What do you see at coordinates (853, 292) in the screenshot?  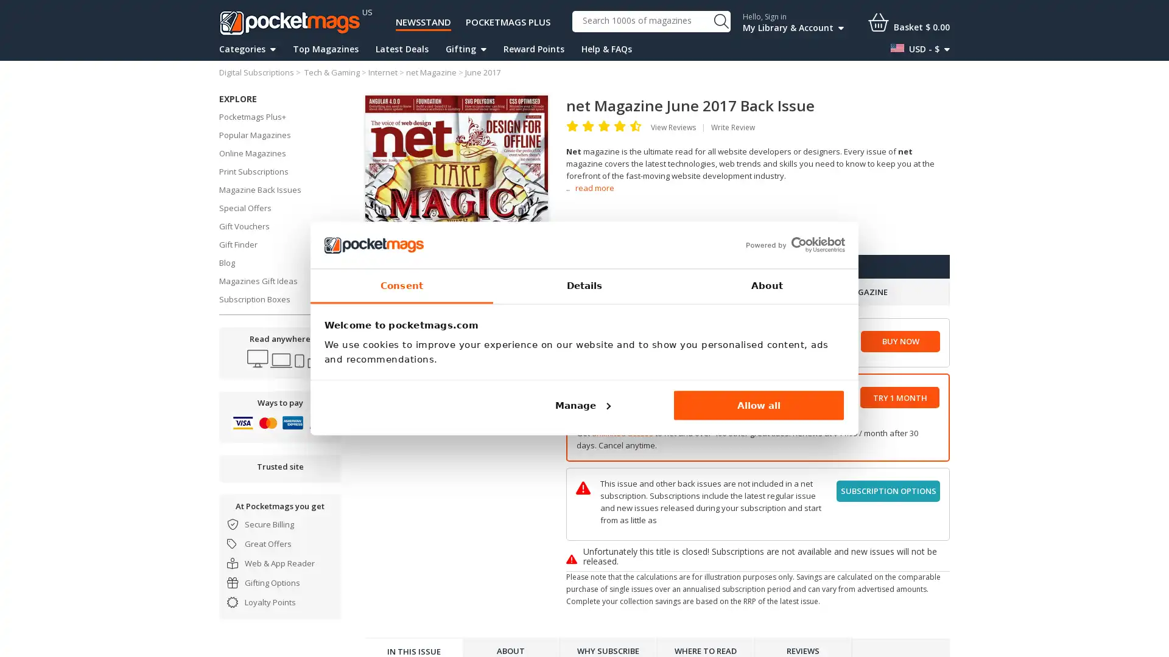 I see `PRINT MAGAZINE` at bounding box center [853, 292].